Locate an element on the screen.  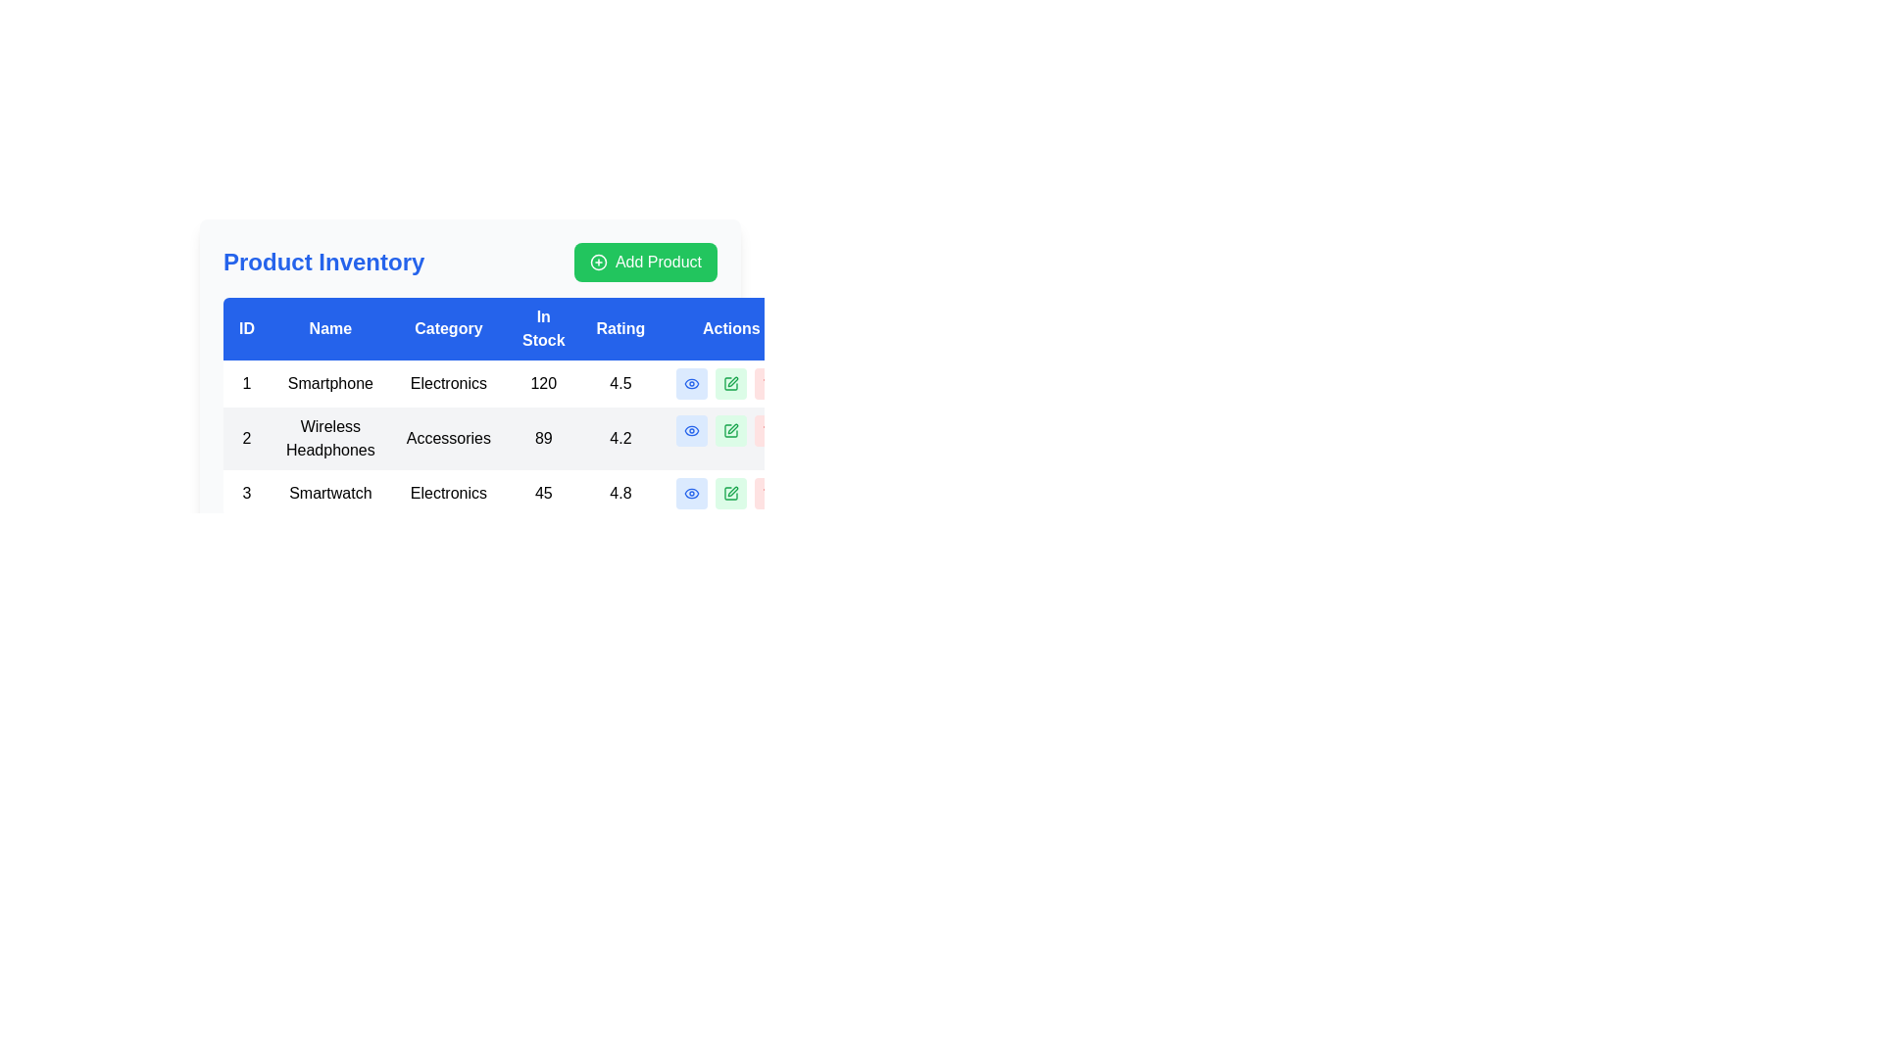
the edit icon button located in the 'Actions' column of the last row in the product table is located at coordinates (730, 493).